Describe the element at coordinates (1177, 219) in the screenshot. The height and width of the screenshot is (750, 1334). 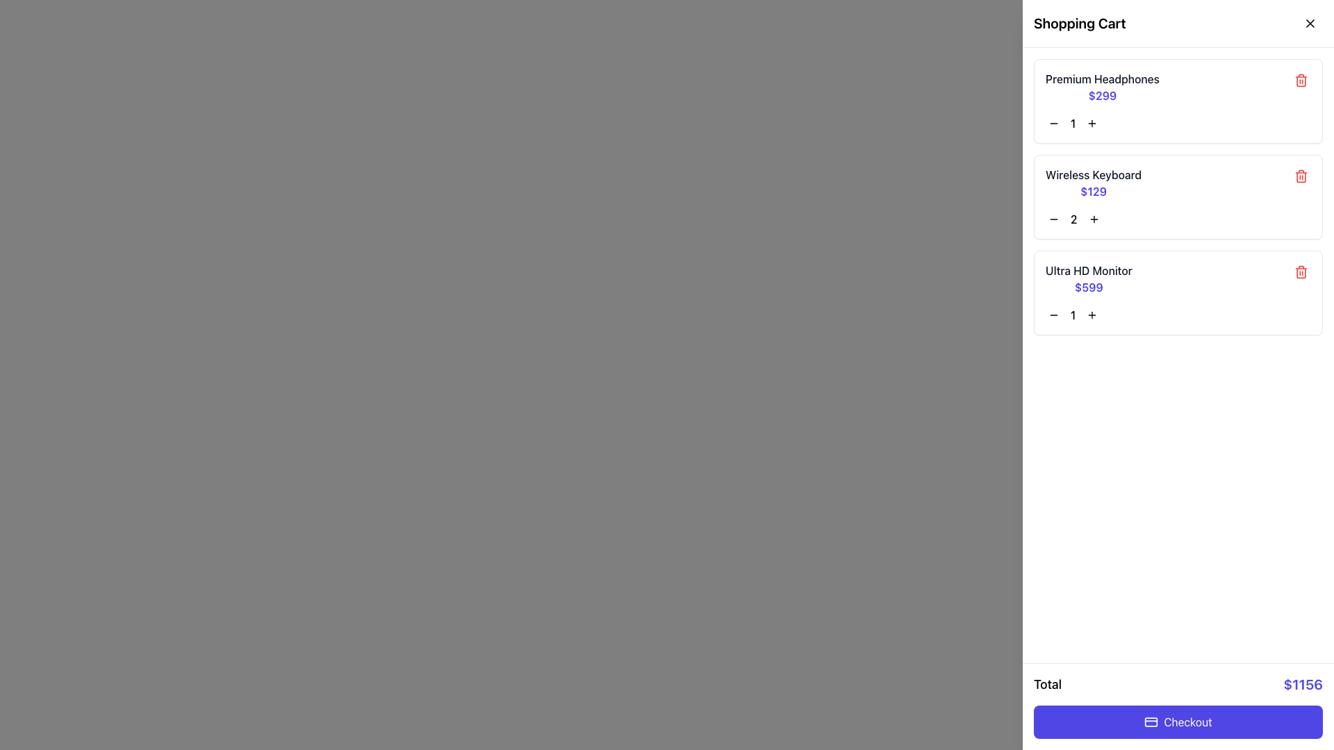
I see `the numeric display component showing the current quantity '2' of the item 'Wireless Keyboard' in the cart, located between the decrement and increment buttons` at that location.